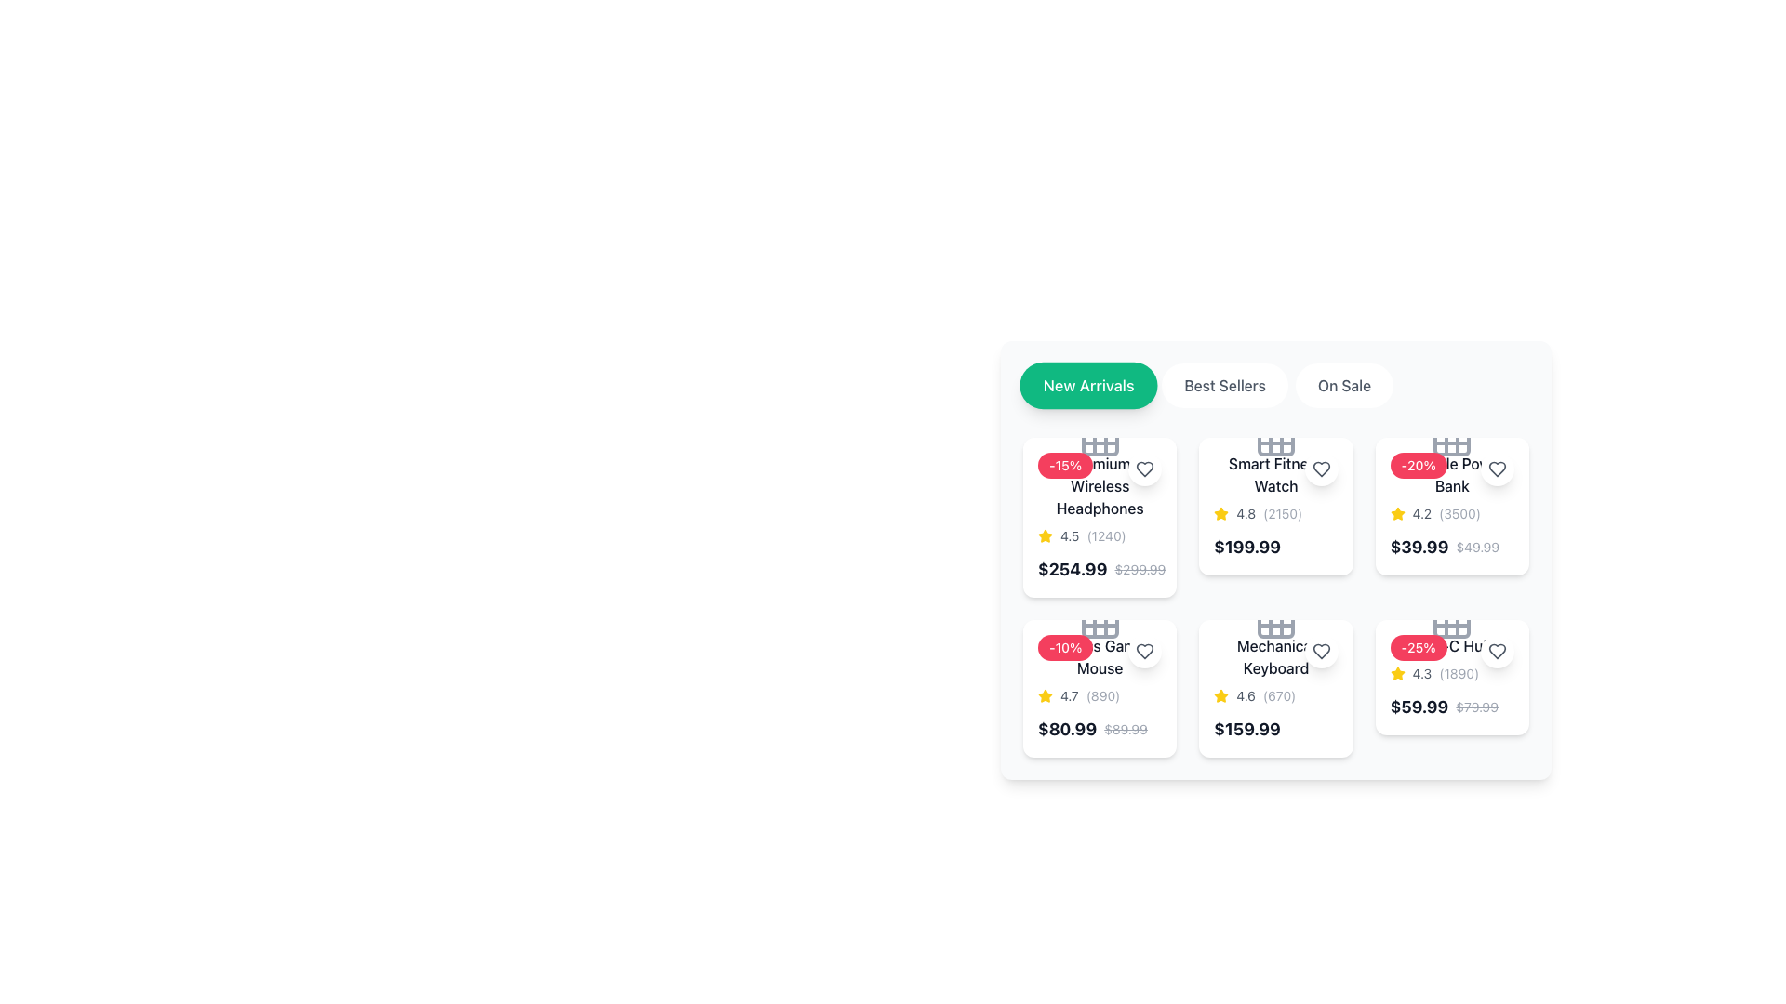  I want to click on the heart-shaped icon outlined with a bold stroke, located within the rounded rectangle button of the fifth 'Mechanical Keyboard' product card, so click(1320, 651).